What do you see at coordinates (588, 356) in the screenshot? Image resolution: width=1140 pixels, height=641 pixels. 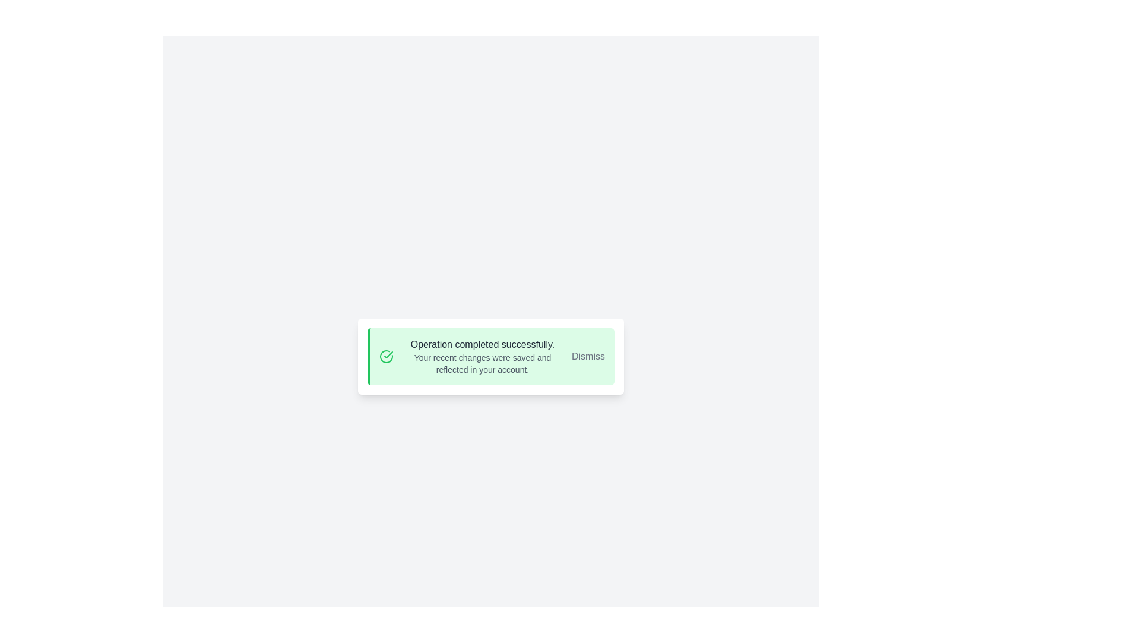 I see `the 'Dismiss' button located at the far right inside the notification banner` at bounding box center [588, 356].